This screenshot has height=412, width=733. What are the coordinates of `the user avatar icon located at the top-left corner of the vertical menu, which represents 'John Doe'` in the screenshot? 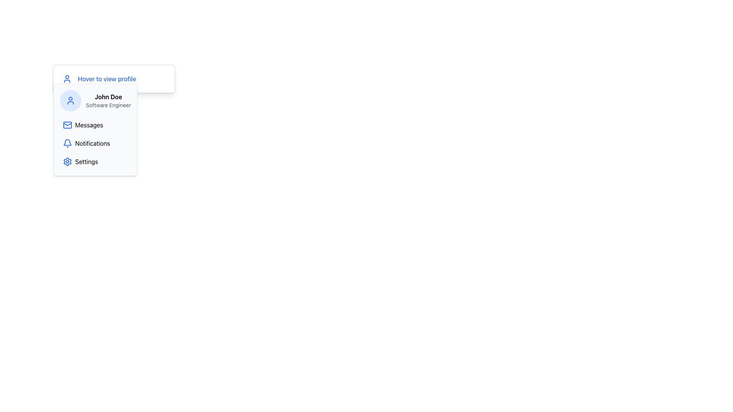 It's located at (71, 100).